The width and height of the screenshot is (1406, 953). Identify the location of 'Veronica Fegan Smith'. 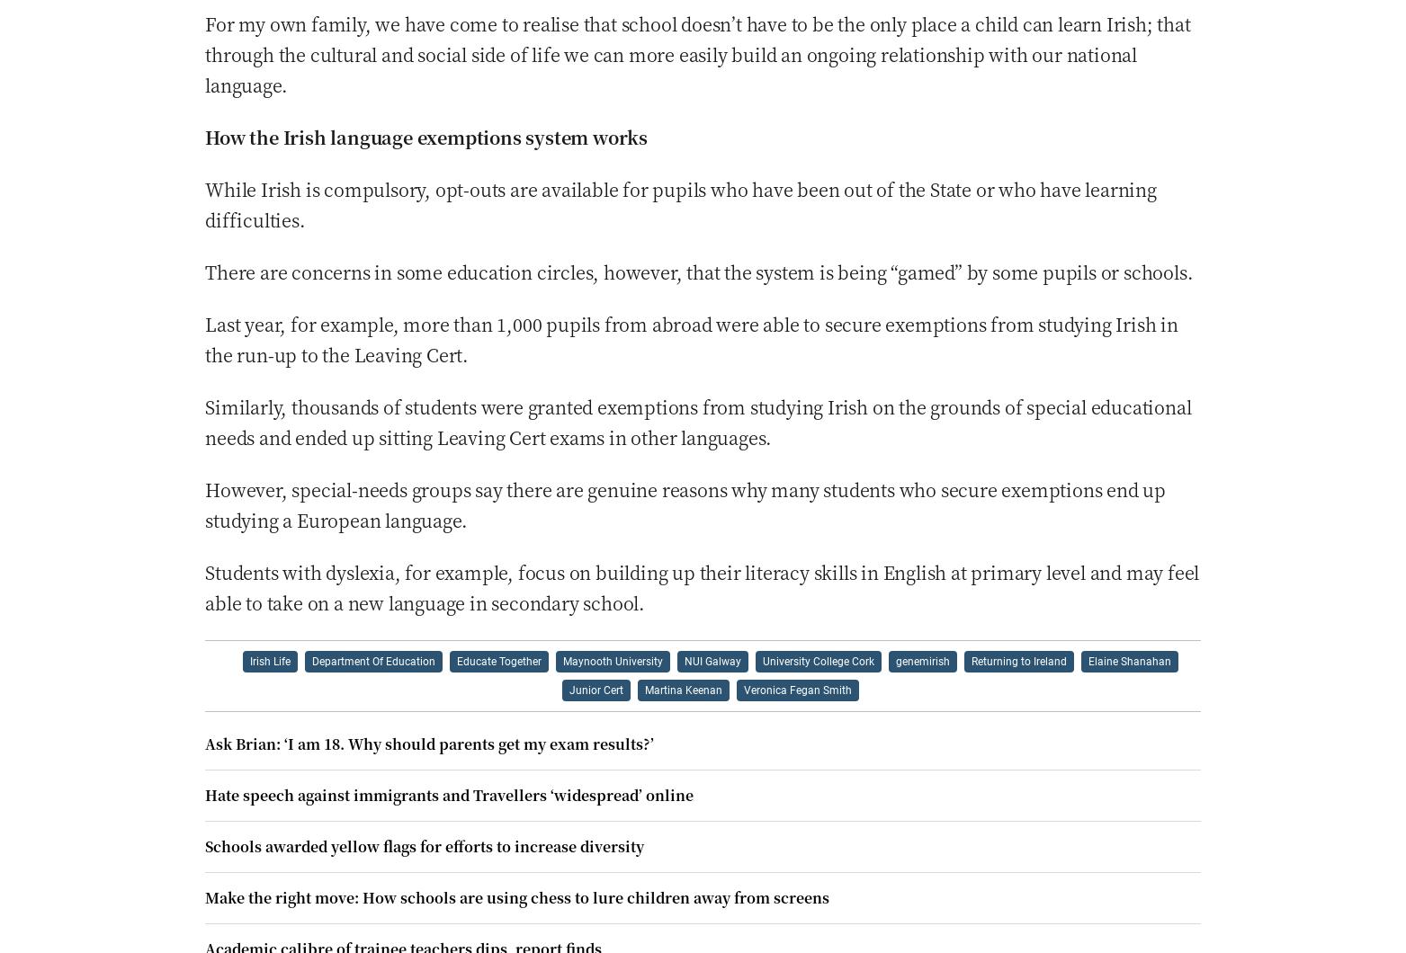
(797, 689).